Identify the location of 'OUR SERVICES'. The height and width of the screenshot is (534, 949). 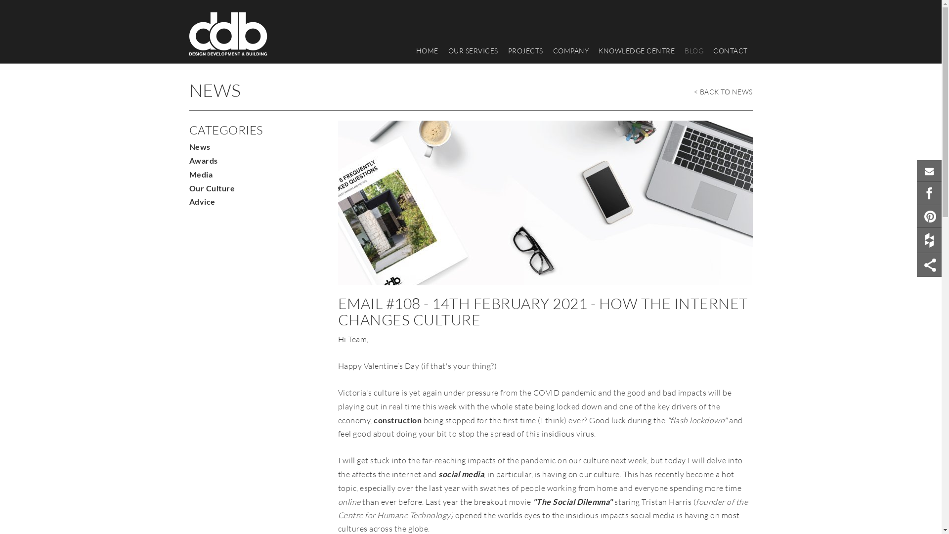
(472, 51).